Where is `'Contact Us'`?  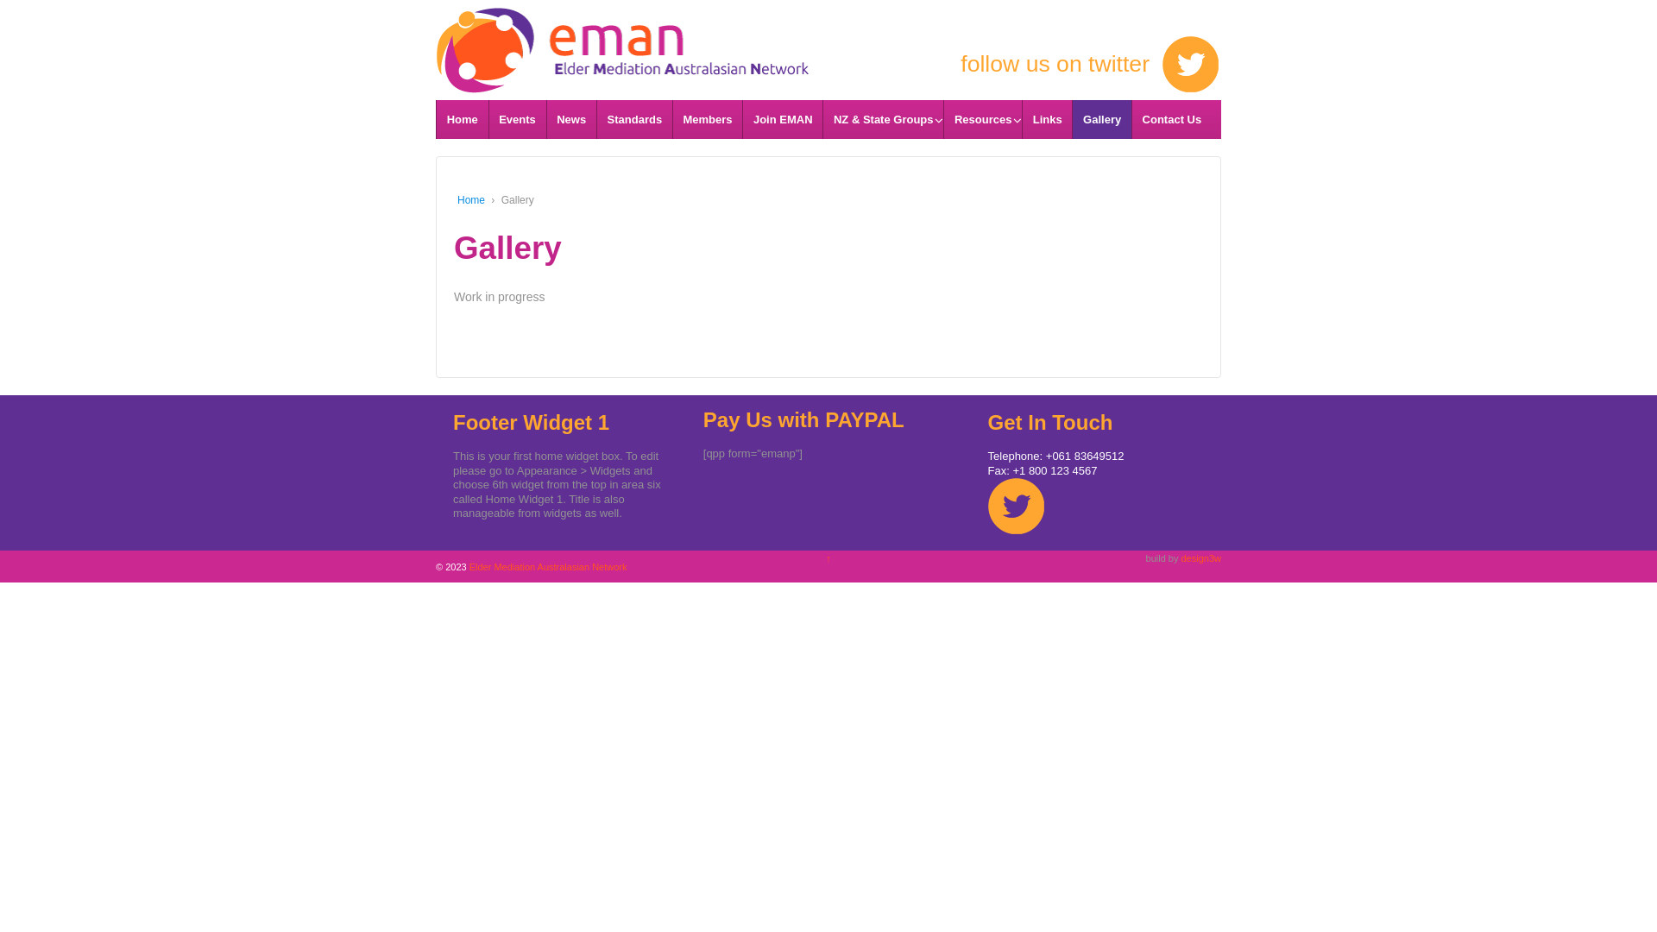 'Contact Us' is located at coordinates (1171, 118).